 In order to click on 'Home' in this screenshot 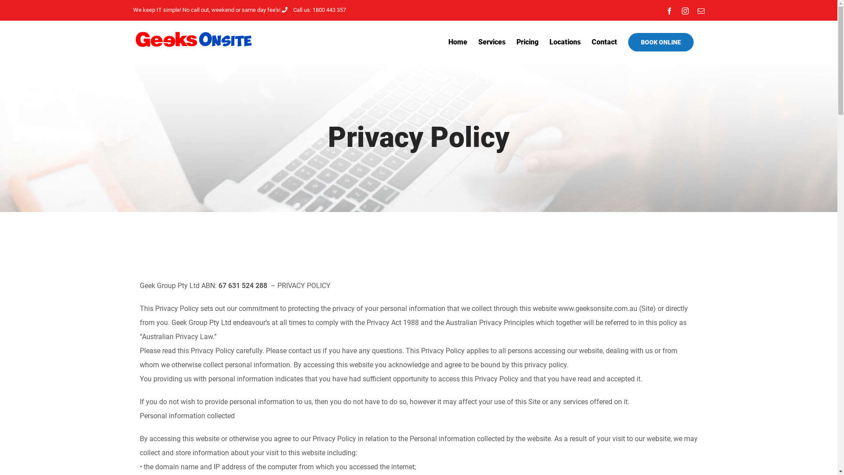, I will do `click(457, 42)`.